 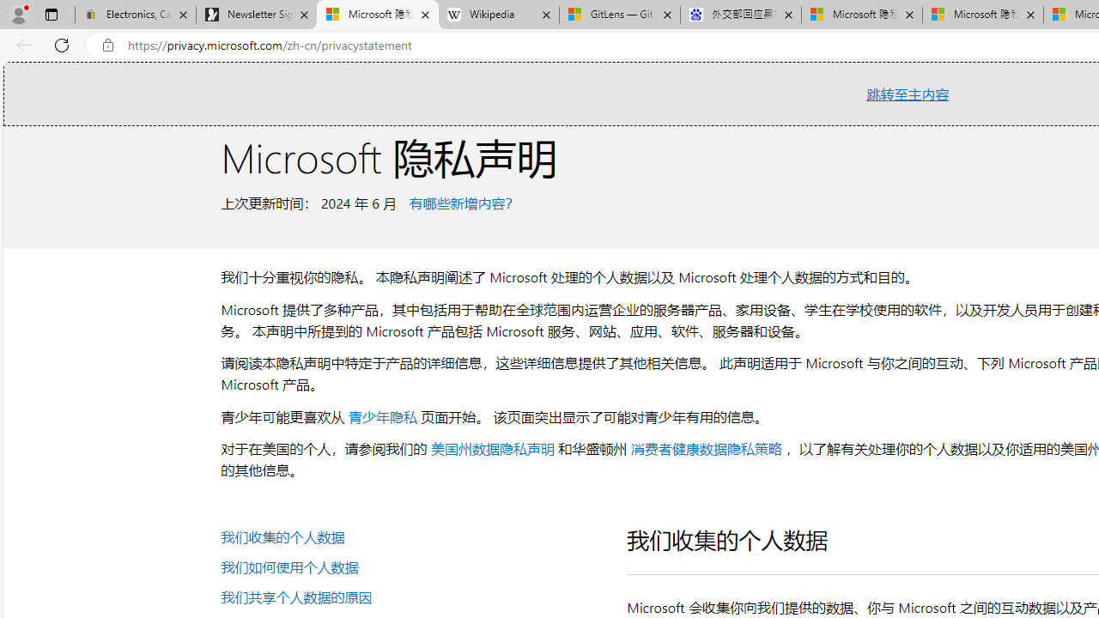 What do you see at coordinates (255, 15) in the screenshot?
I see `'Newsletter Sign Up'` at bounding box center [255, 15].